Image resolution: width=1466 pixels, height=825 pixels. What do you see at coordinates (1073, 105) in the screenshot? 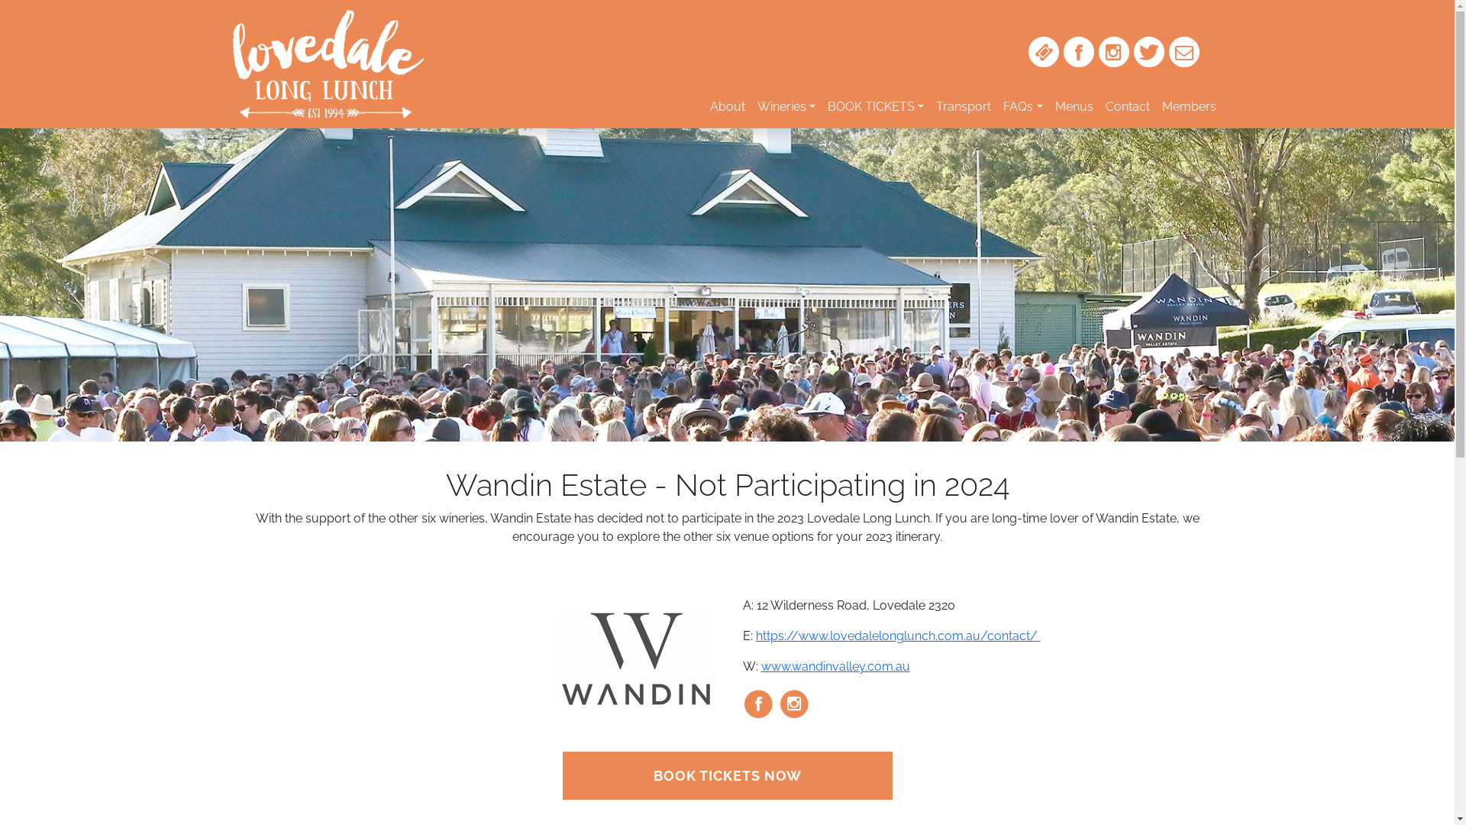
I see `'Menus'` at bounding box center [1073, 105].